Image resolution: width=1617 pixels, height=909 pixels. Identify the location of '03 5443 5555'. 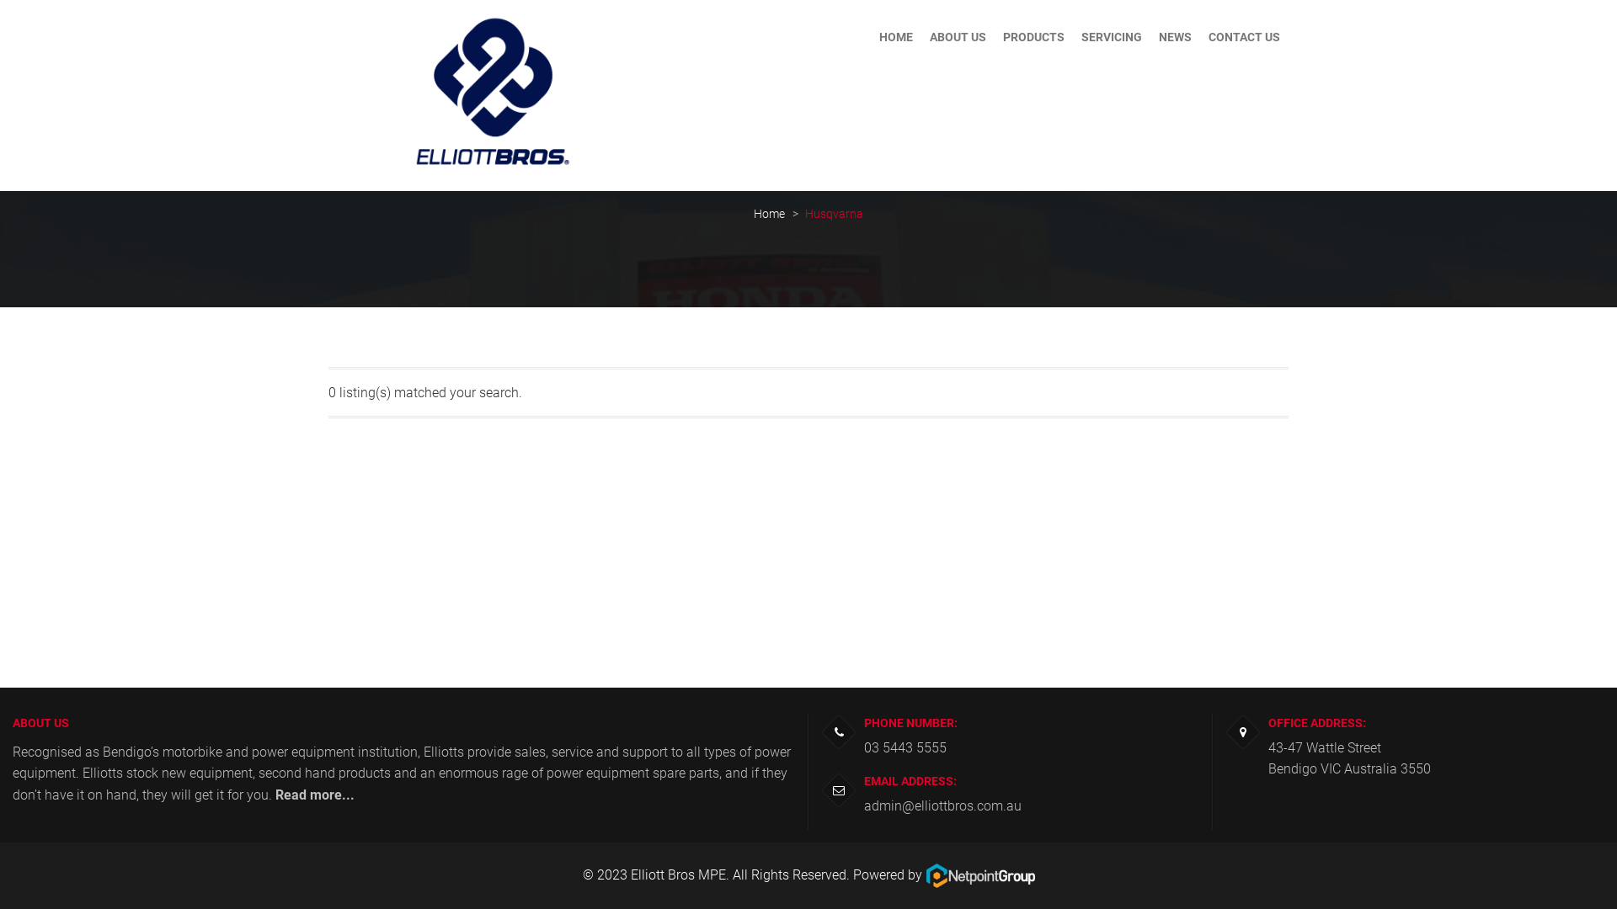
(905, 747).